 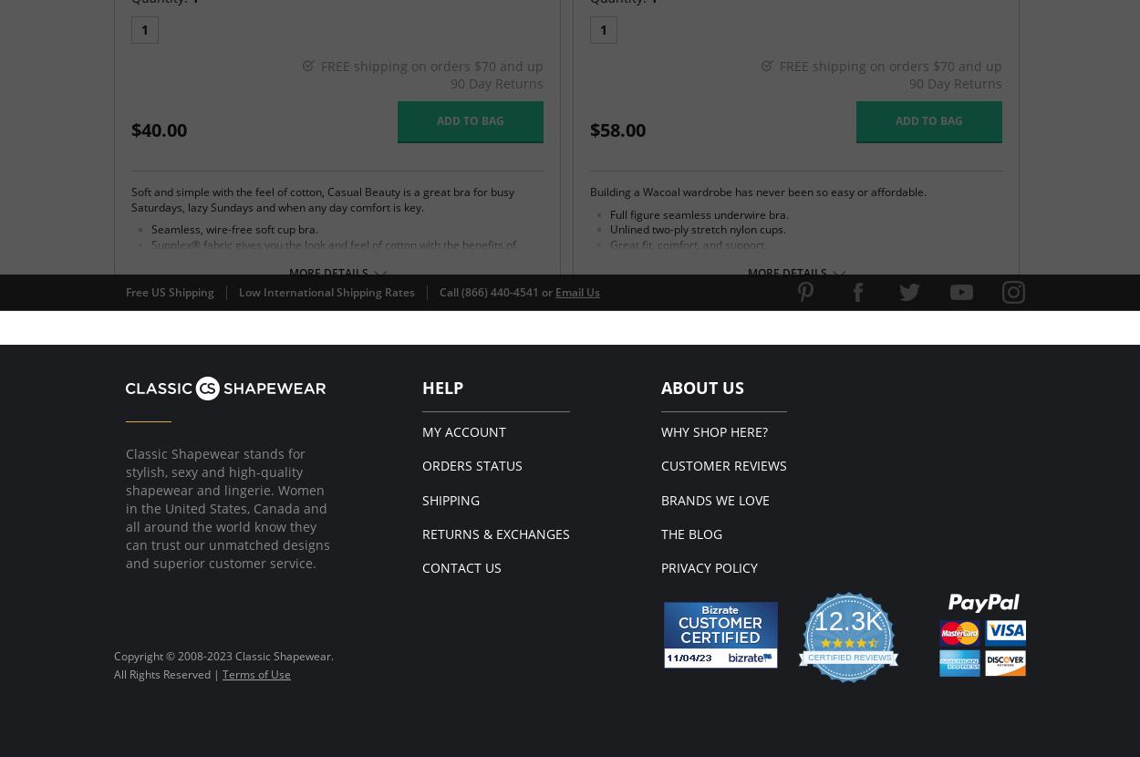 I want to click on 'Privacy Policy', so click(x=709, y=567).